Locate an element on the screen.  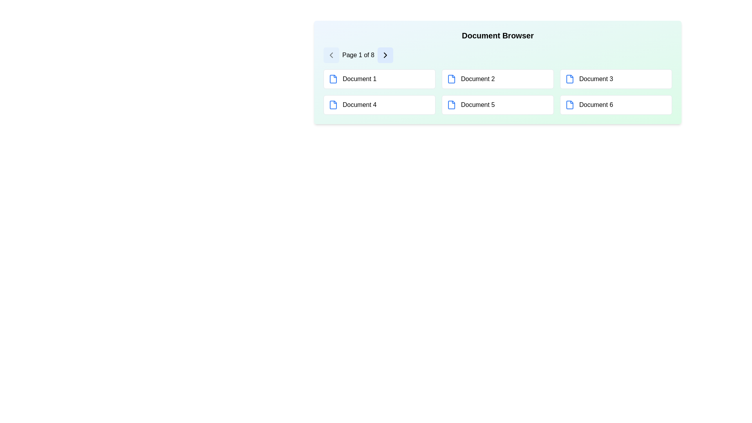
the document icon located to the left of the text 'Document 4' in the second row of the document grid under the 'Document Browser' title is located at coordinates (333, 104).